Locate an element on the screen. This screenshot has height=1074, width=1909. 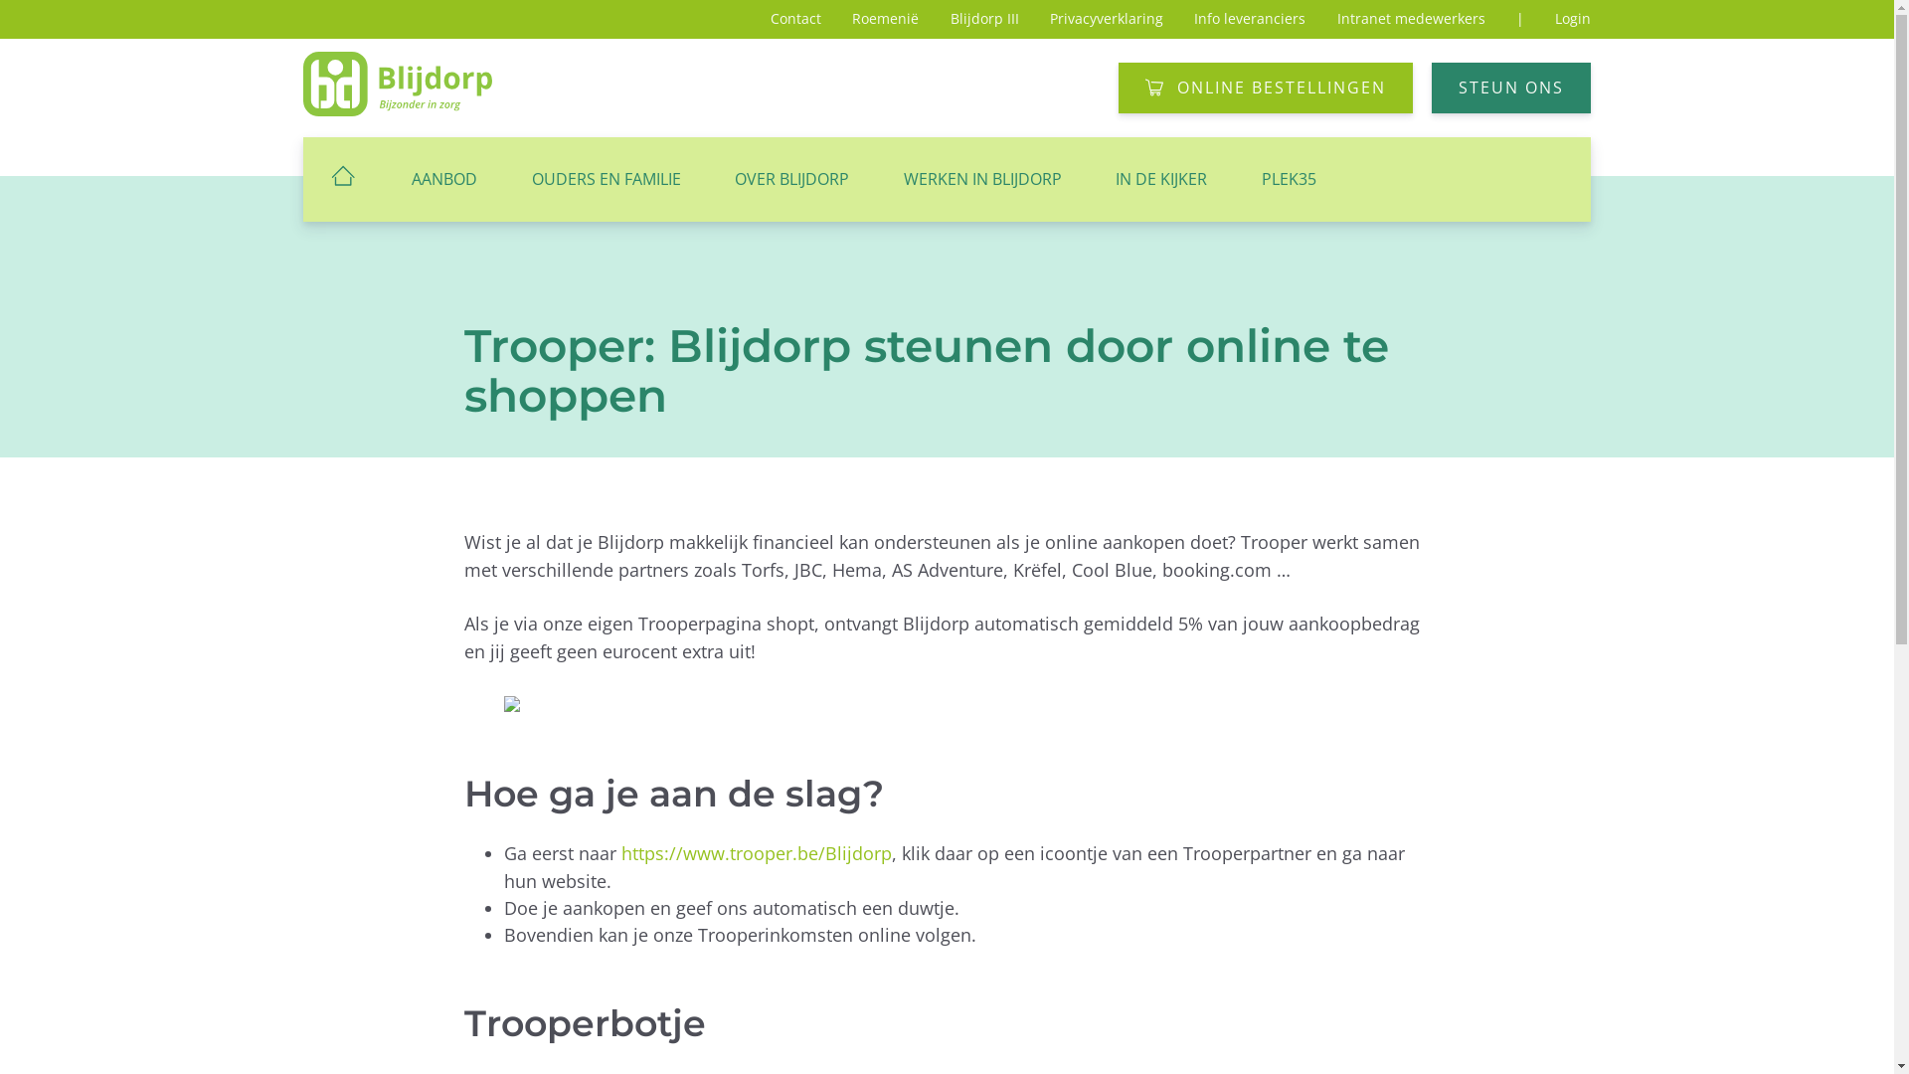
'STEUN ONS' is located at coordinates (1511, 87).